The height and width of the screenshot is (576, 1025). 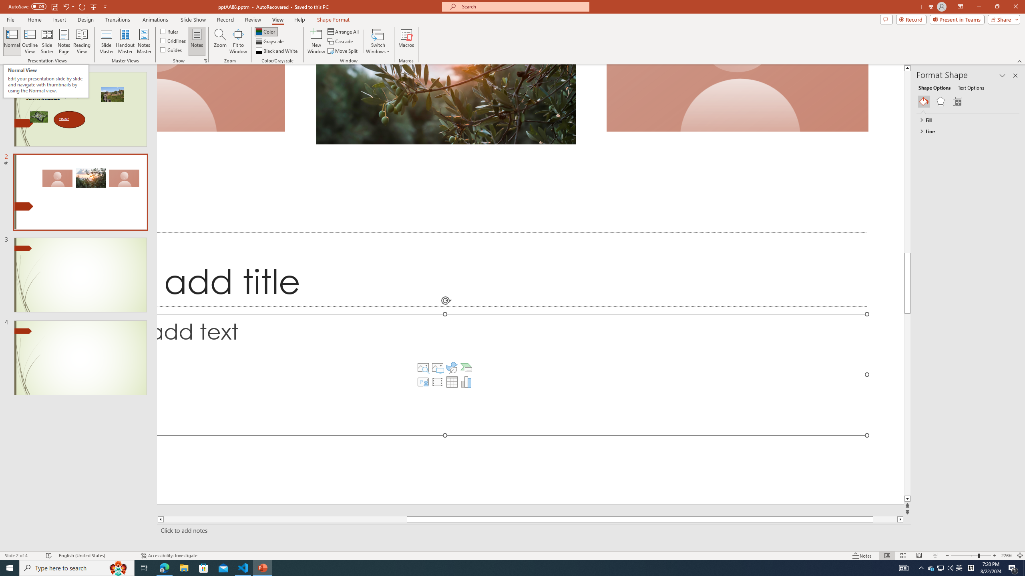 I want to click on 'Fill', so click(x=964, y=120).